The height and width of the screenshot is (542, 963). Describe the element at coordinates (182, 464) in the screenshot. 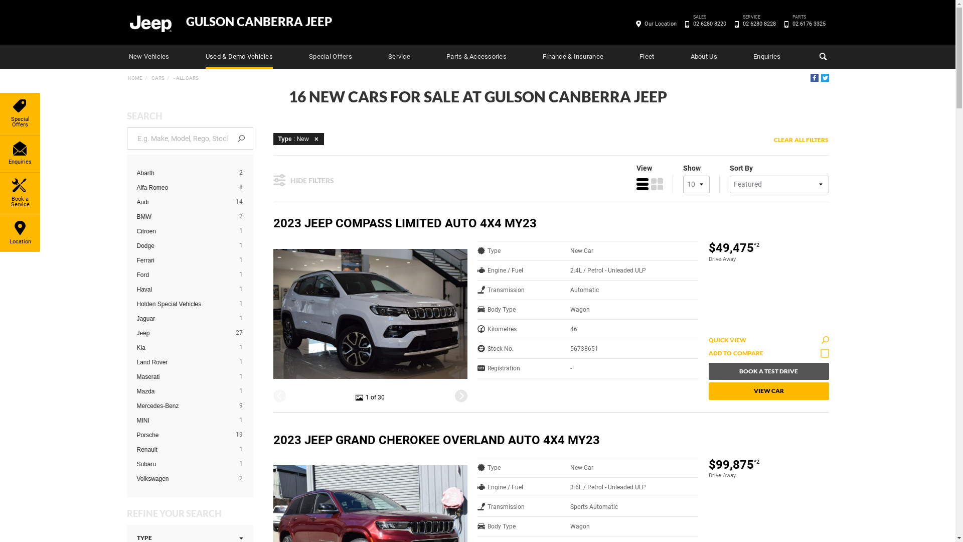

I see `'Subaru'` at that location.